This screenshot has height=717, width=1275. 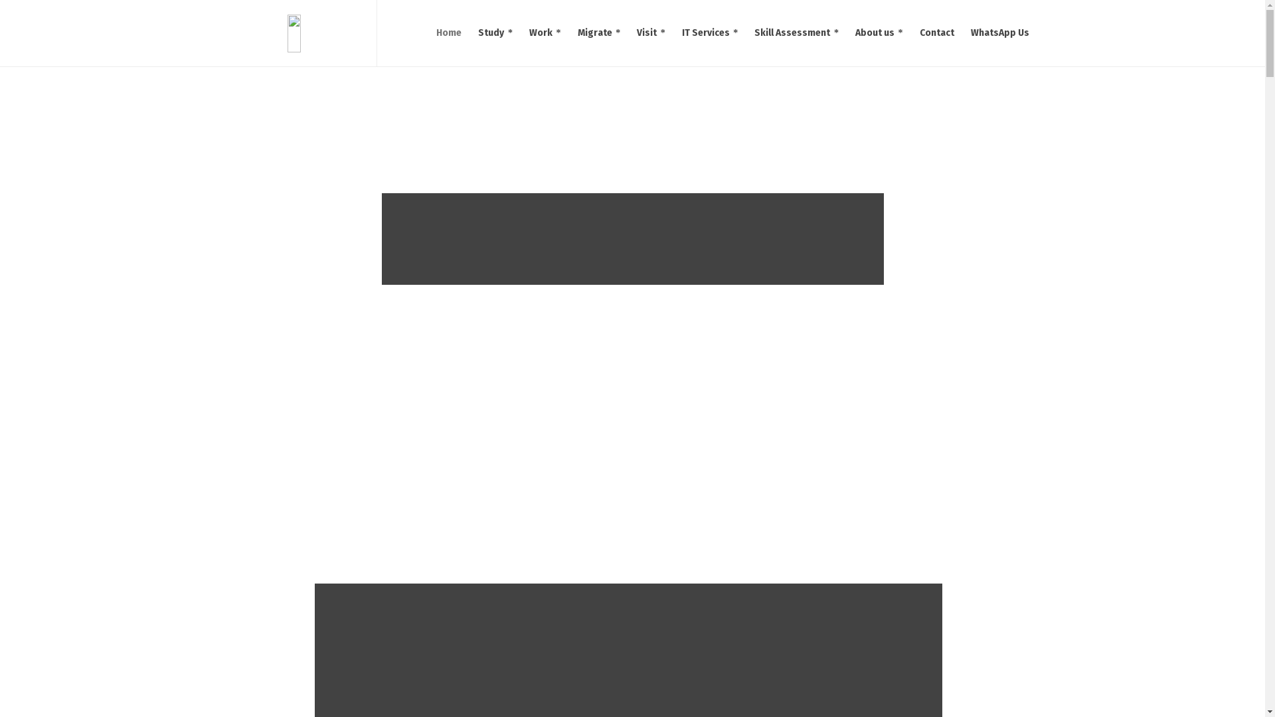 I want to click on 'Study', so click(x=495, y=33).